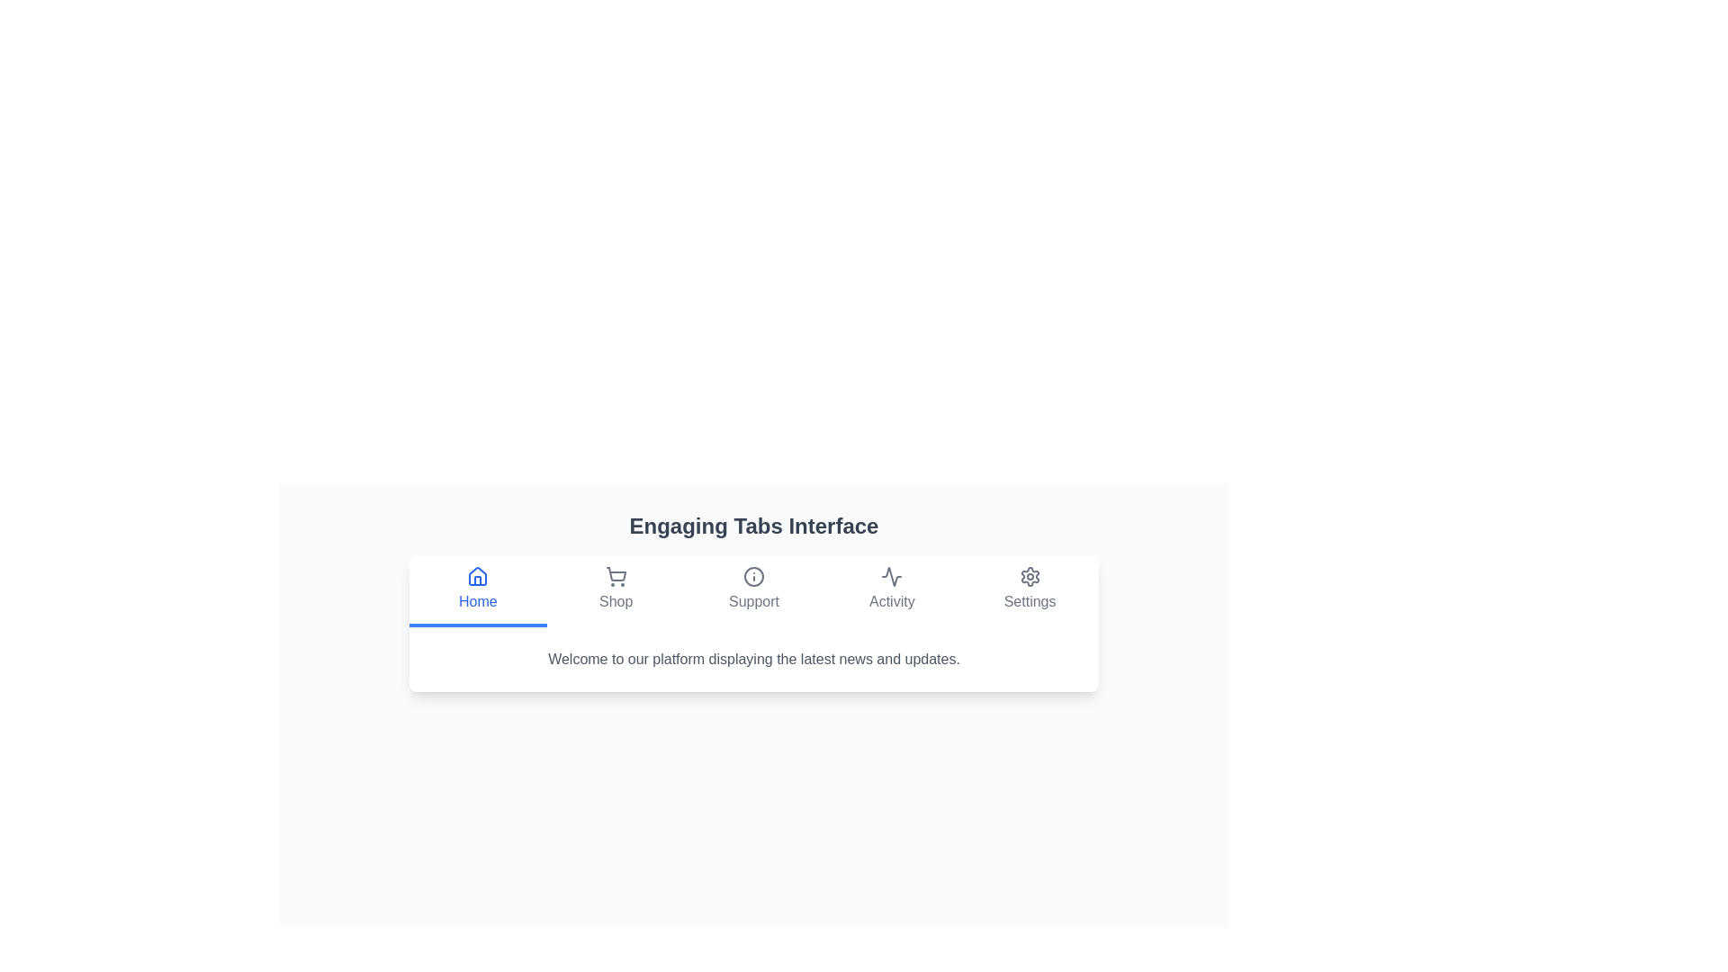 This screenshot has width=1728, height=972. Describe the element at coordinates (754, 590) in the screenshot. I see `the 'Support' navigation tab located in the horizontal navigation bar` at that location.